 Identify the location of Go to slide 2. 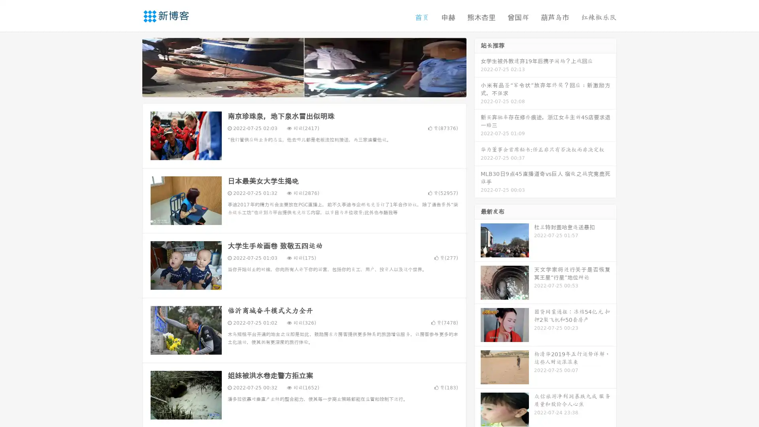
(304, 89).